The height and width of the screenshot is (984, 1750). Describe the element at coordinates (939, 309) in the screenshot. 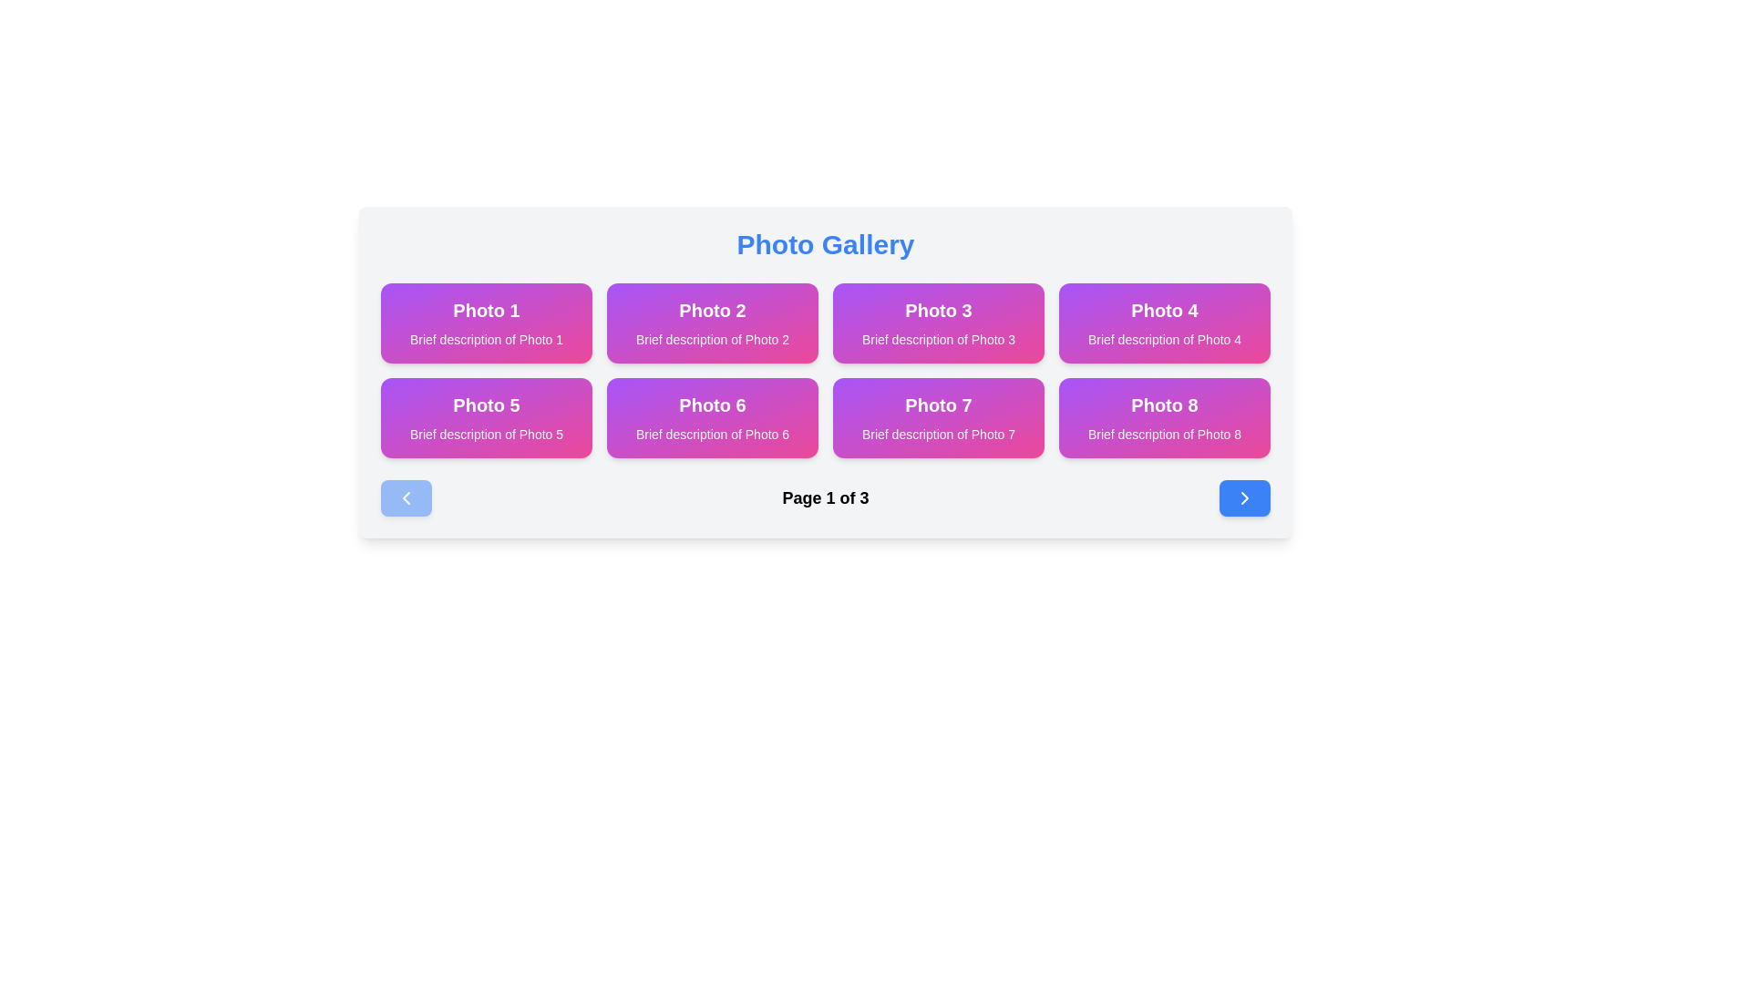

I see `the title text label of the third photo card in the top row, which categorizes the content of that card` at that location.